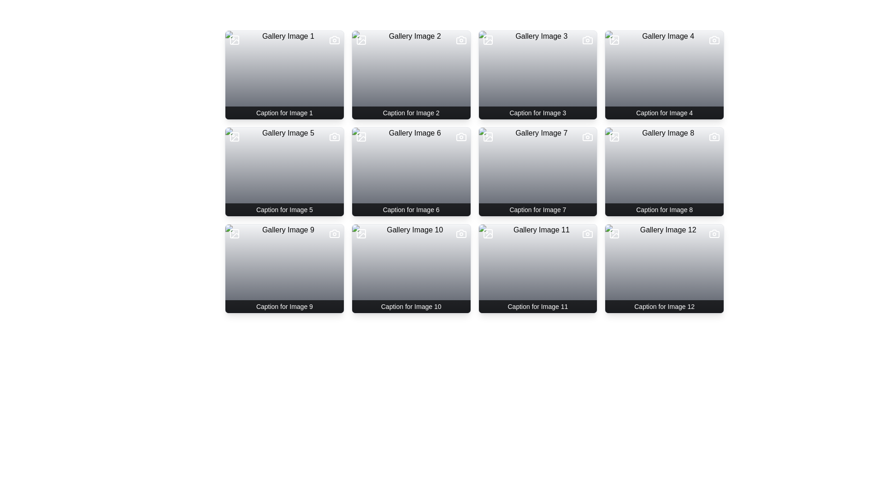 This screenshot has width=885, height=498. What do you see at coordinates (284, 210) in the screenshot?
I see `the text label serving as a caption for the gallery image located in the bottom section of the 'Gallery Image 5' card in the second row, first column of the grid` at bounding box center [284, 210].